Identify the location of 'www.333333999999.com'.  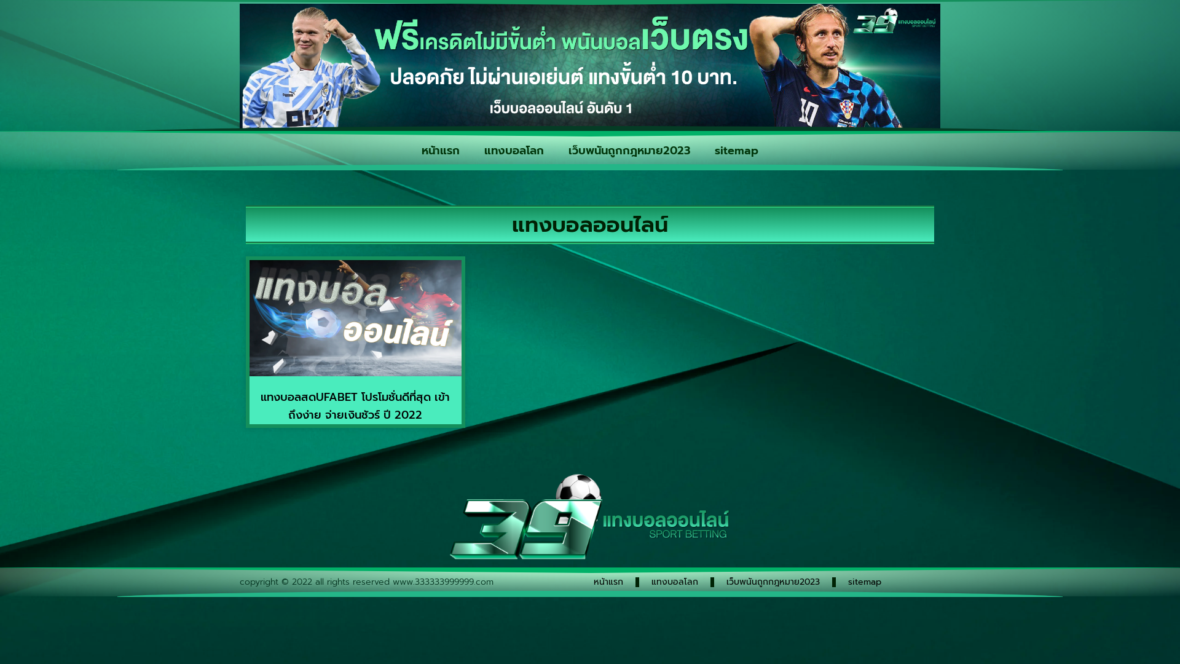
(442, 581).